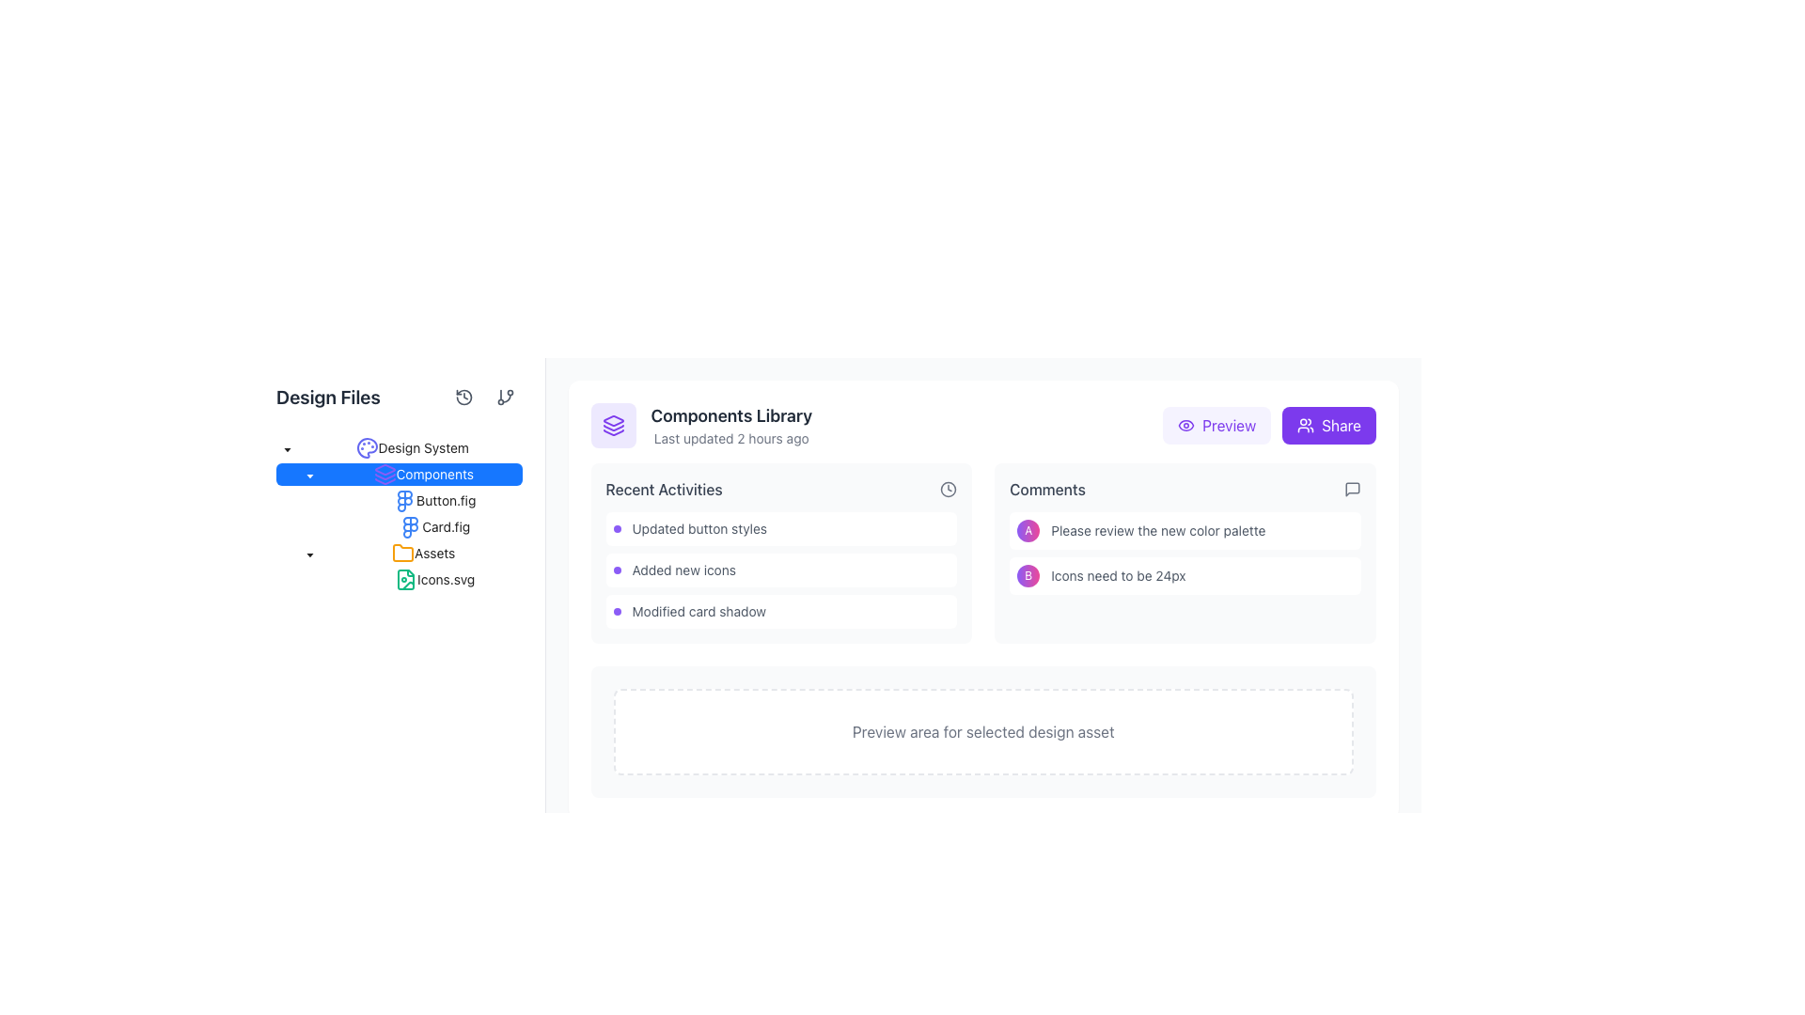 This screenshot has height=1015, width=1805. I want to click on the 'Button.fig' file entry located in the 'Components' folder of the sidebar, so click(433, 499).